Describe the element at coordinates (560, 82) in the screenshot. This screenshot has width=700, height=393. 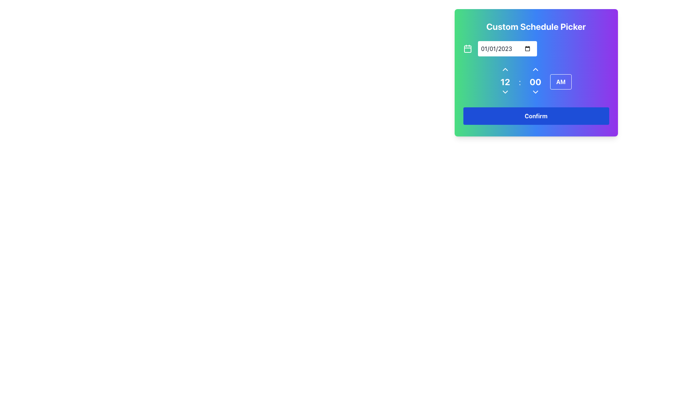
I see `the rectangular button with rounded corners labeled 'AM' in bold white font, located at the bottom-right corner of the time selection interface` at that location.